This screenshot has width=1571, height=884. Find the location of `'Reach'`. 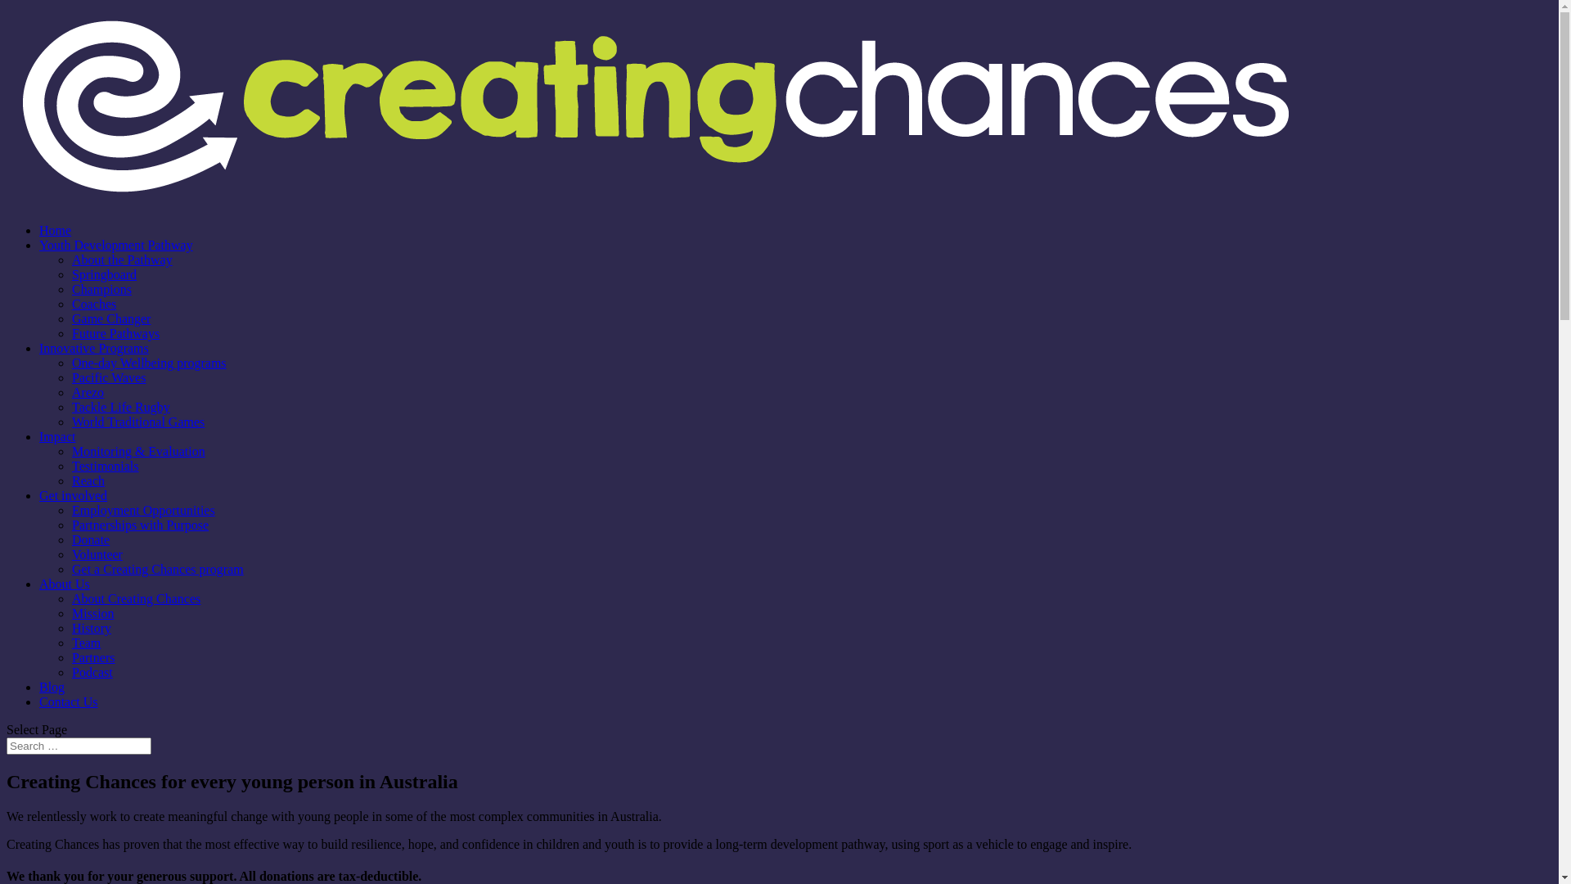

'Reach' is located at coordinates (87, 480).